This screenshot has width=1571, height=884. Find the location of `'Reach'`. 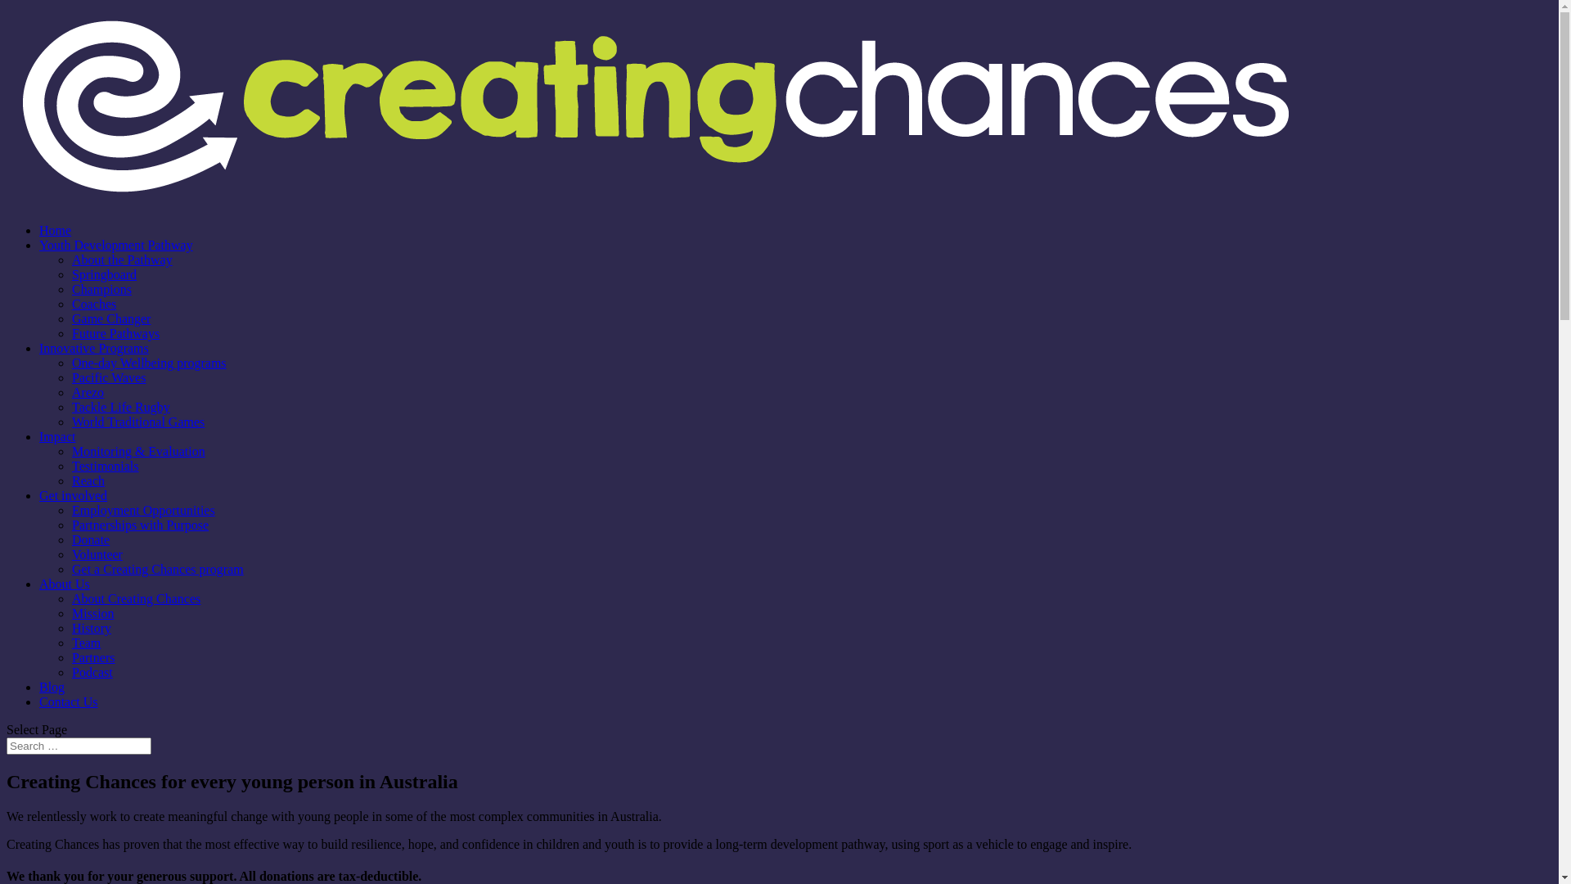

'Reach' is located at coordinates (87, 480).